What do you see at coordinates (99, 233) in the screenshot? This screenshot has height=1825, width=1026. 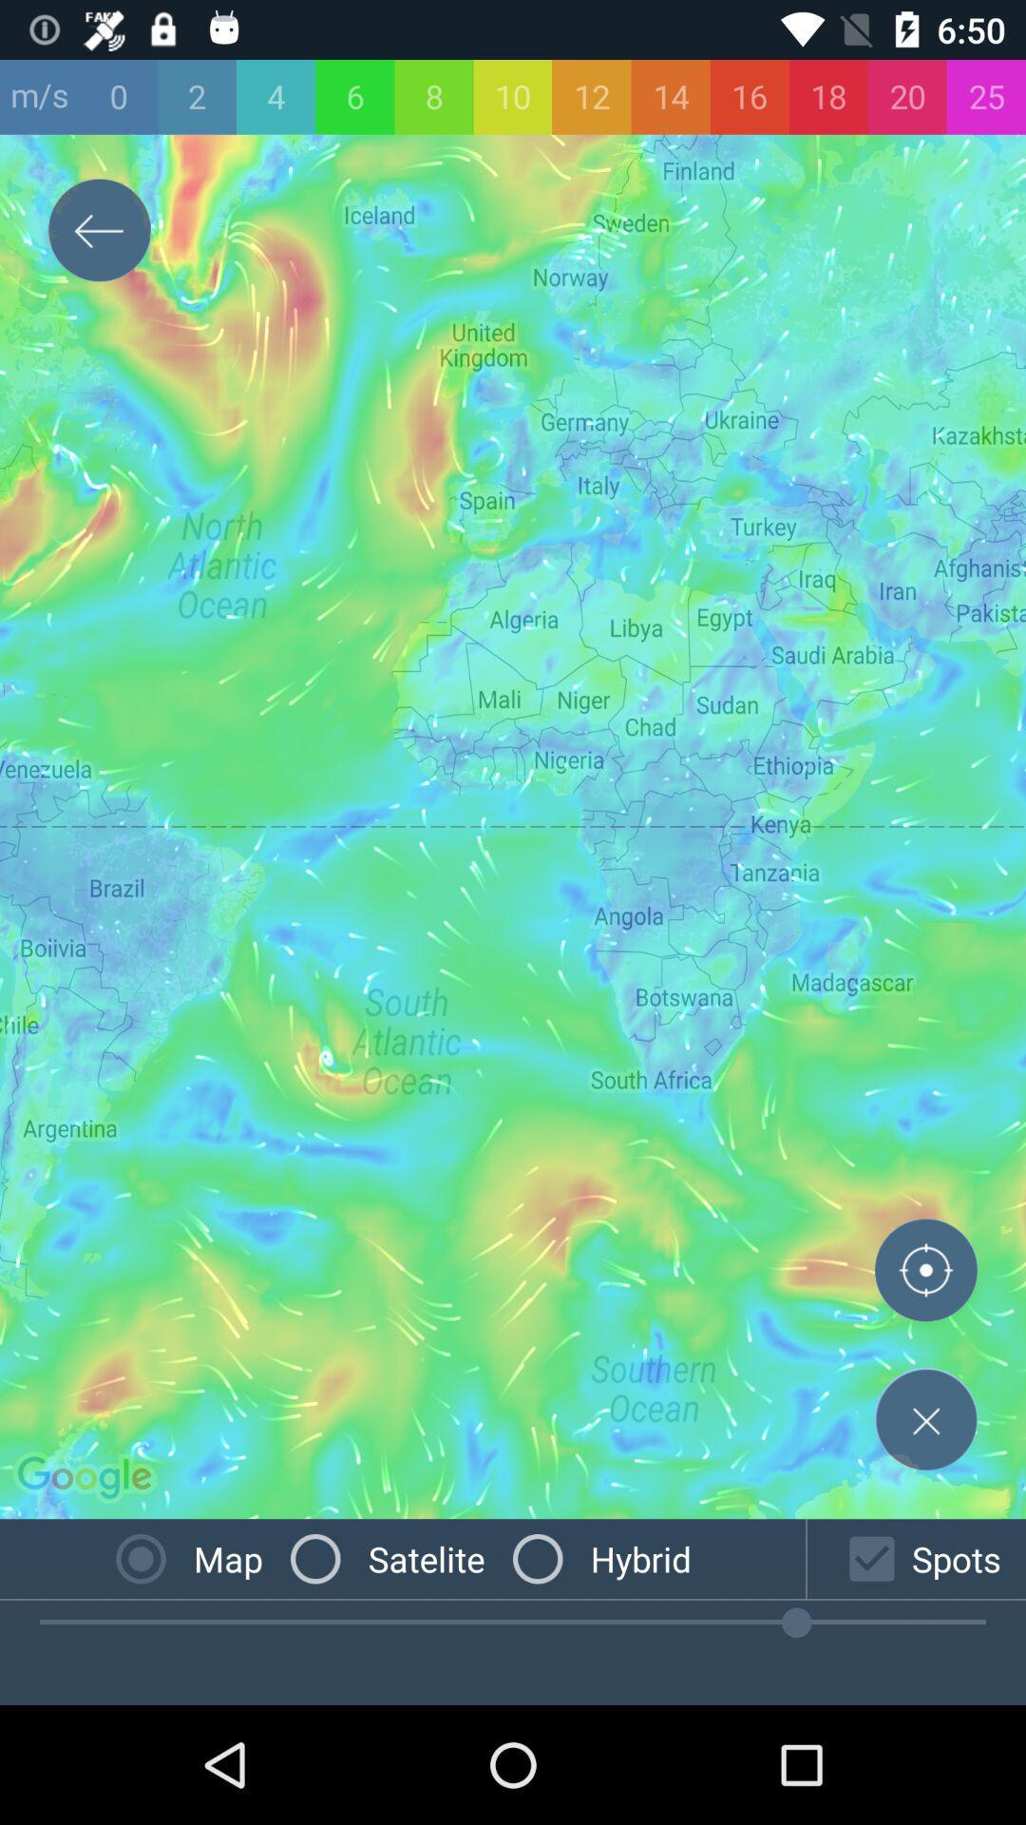 I see `go back` at bounding box center [99, 233].